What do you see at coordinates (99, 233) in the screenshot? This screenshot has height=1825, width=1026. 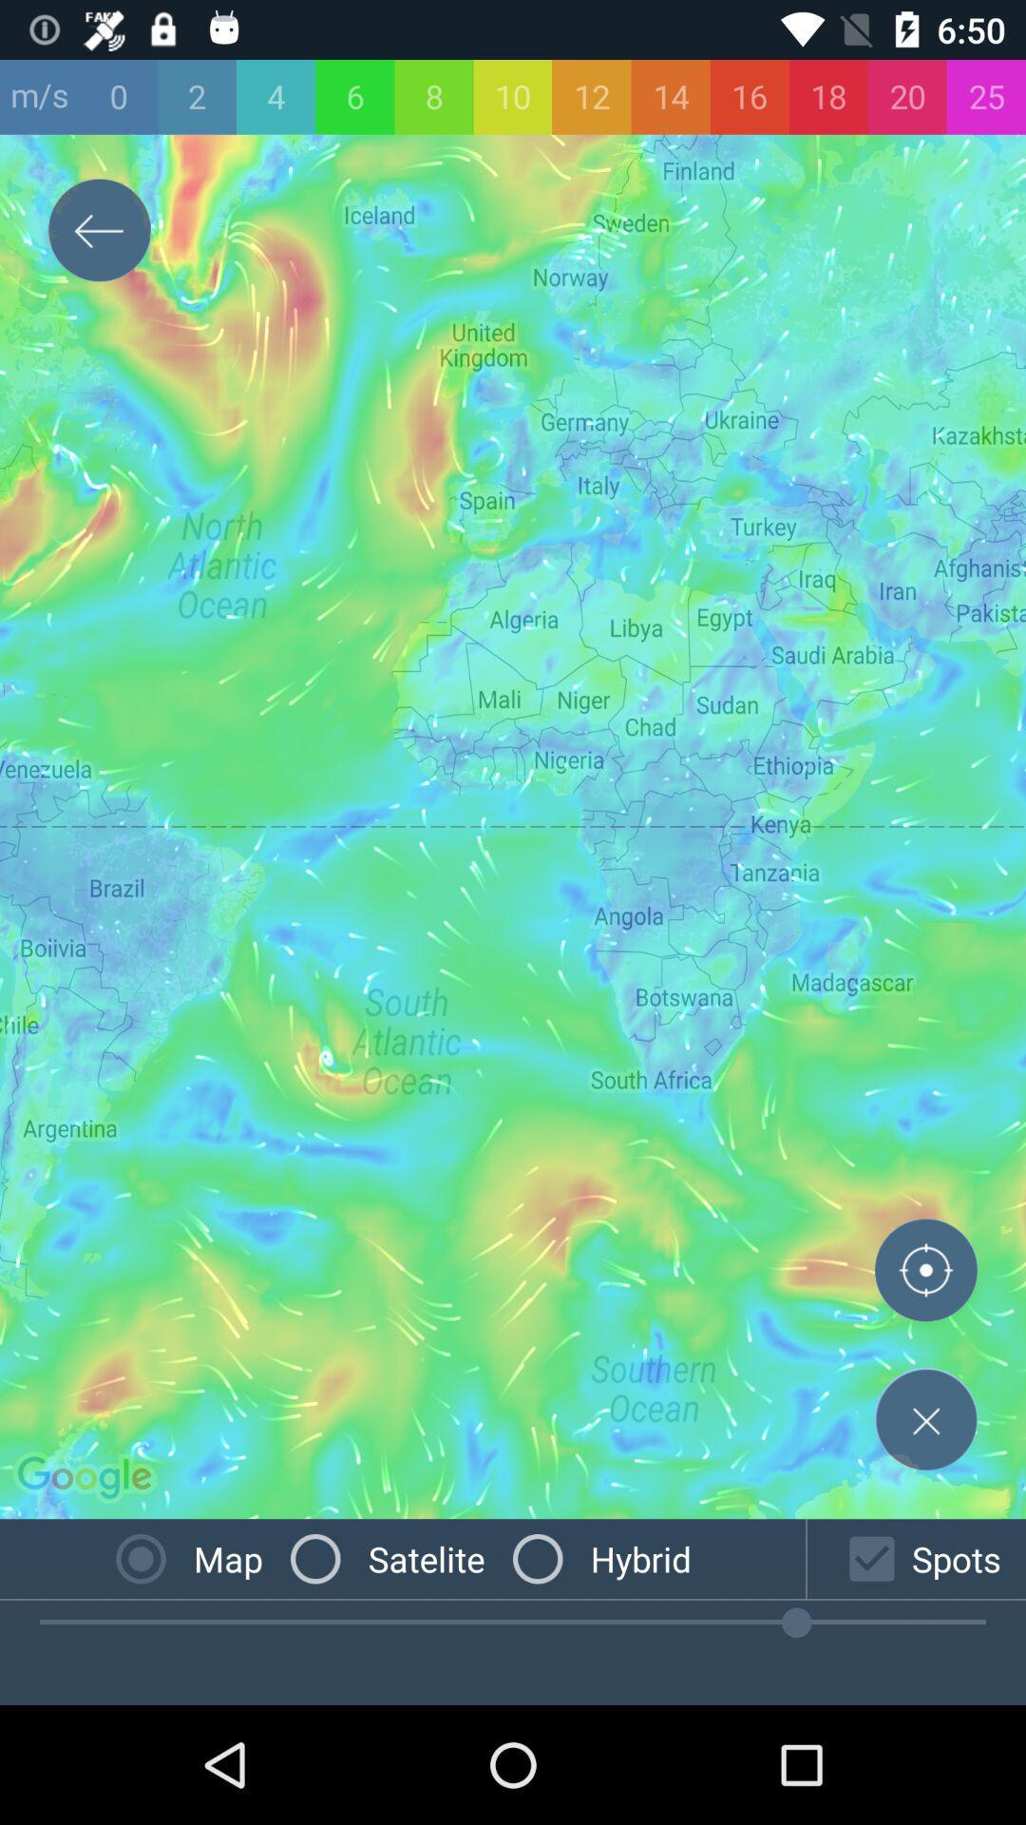 I see `go back` at bounding box center [99, 233].